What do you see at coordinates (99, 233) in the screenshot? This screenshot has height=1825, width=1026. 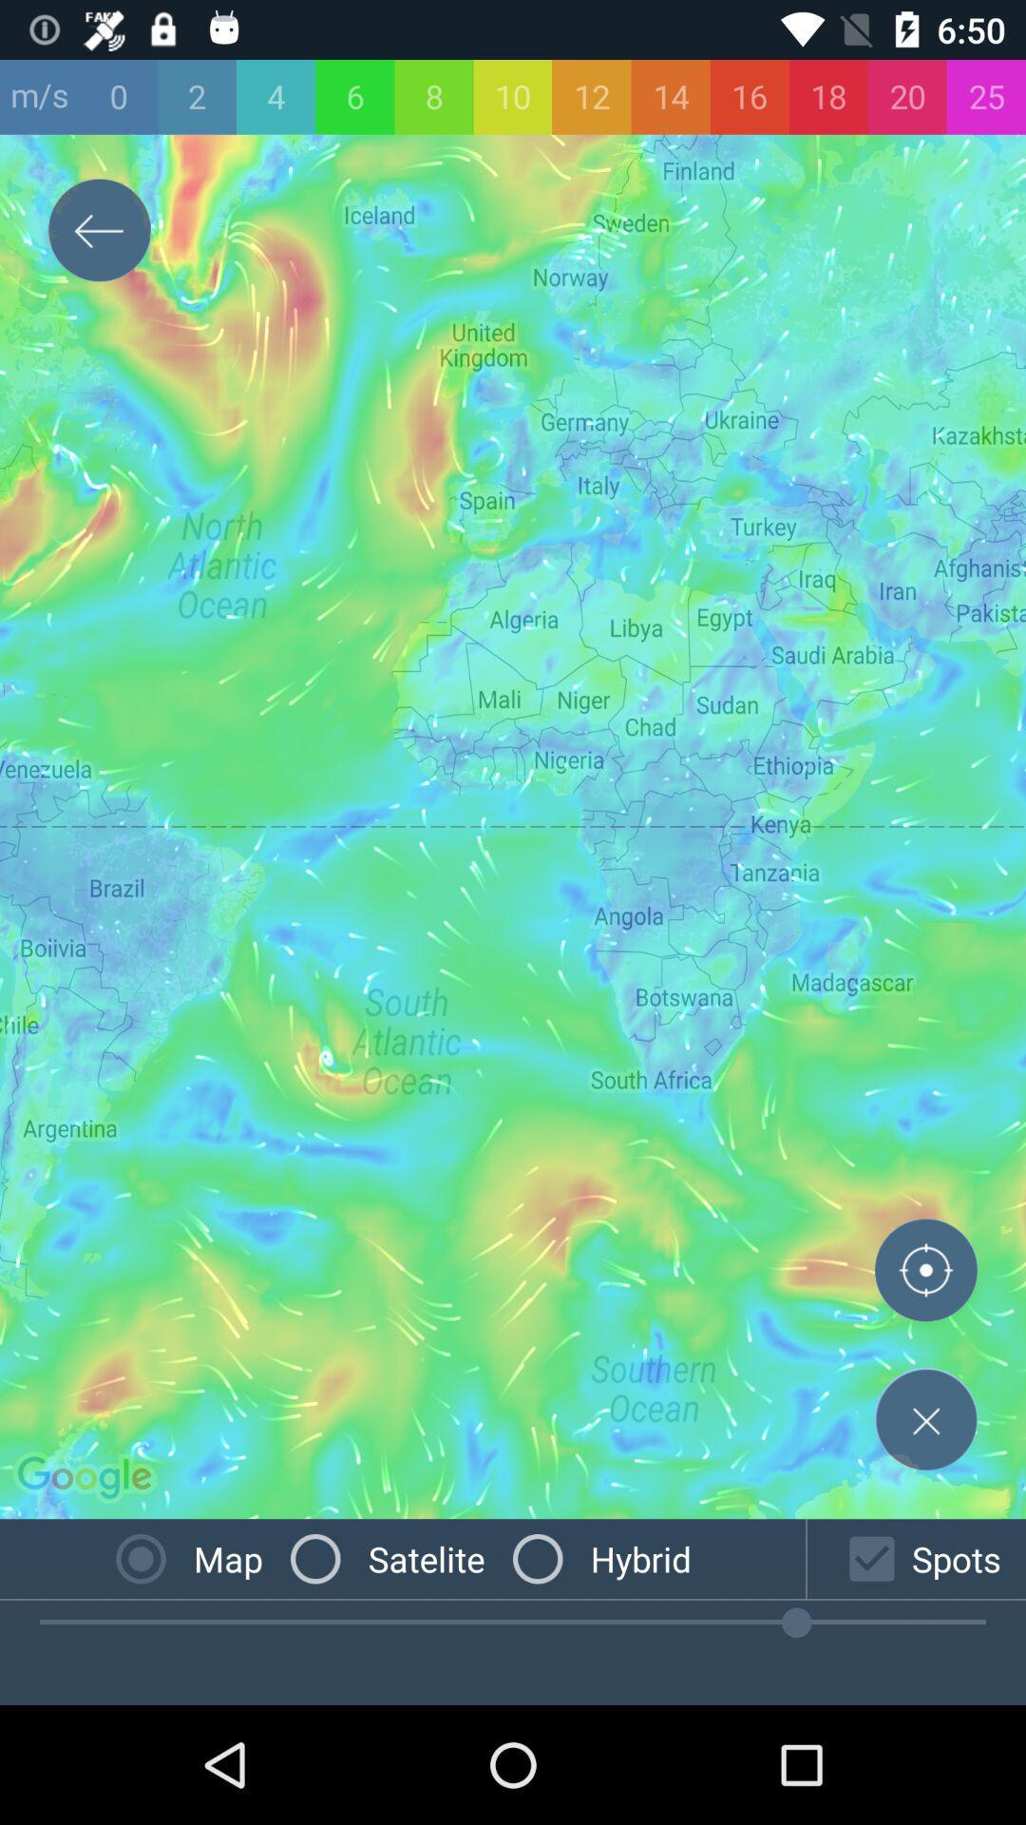 I see `go back` at bounding box center [99, 233].